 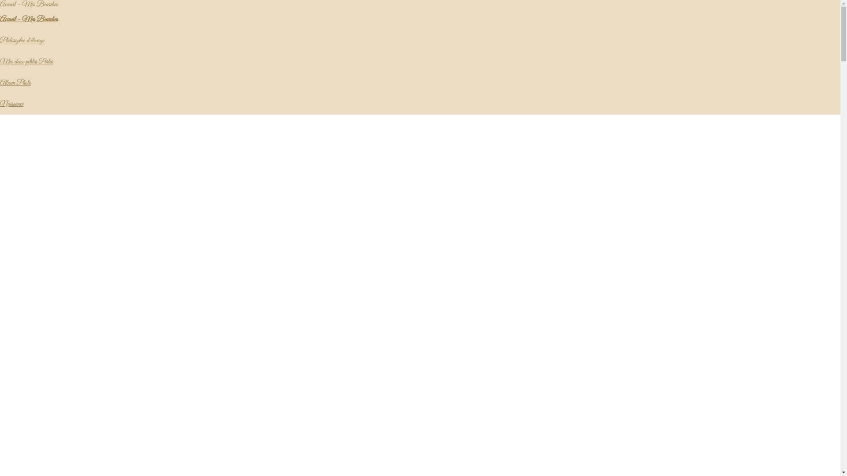 What do you see at coordinates (29, 19) in the screenshot?
I see `'Accueil - Mes Beardies'` at bounding box center [29, 19].